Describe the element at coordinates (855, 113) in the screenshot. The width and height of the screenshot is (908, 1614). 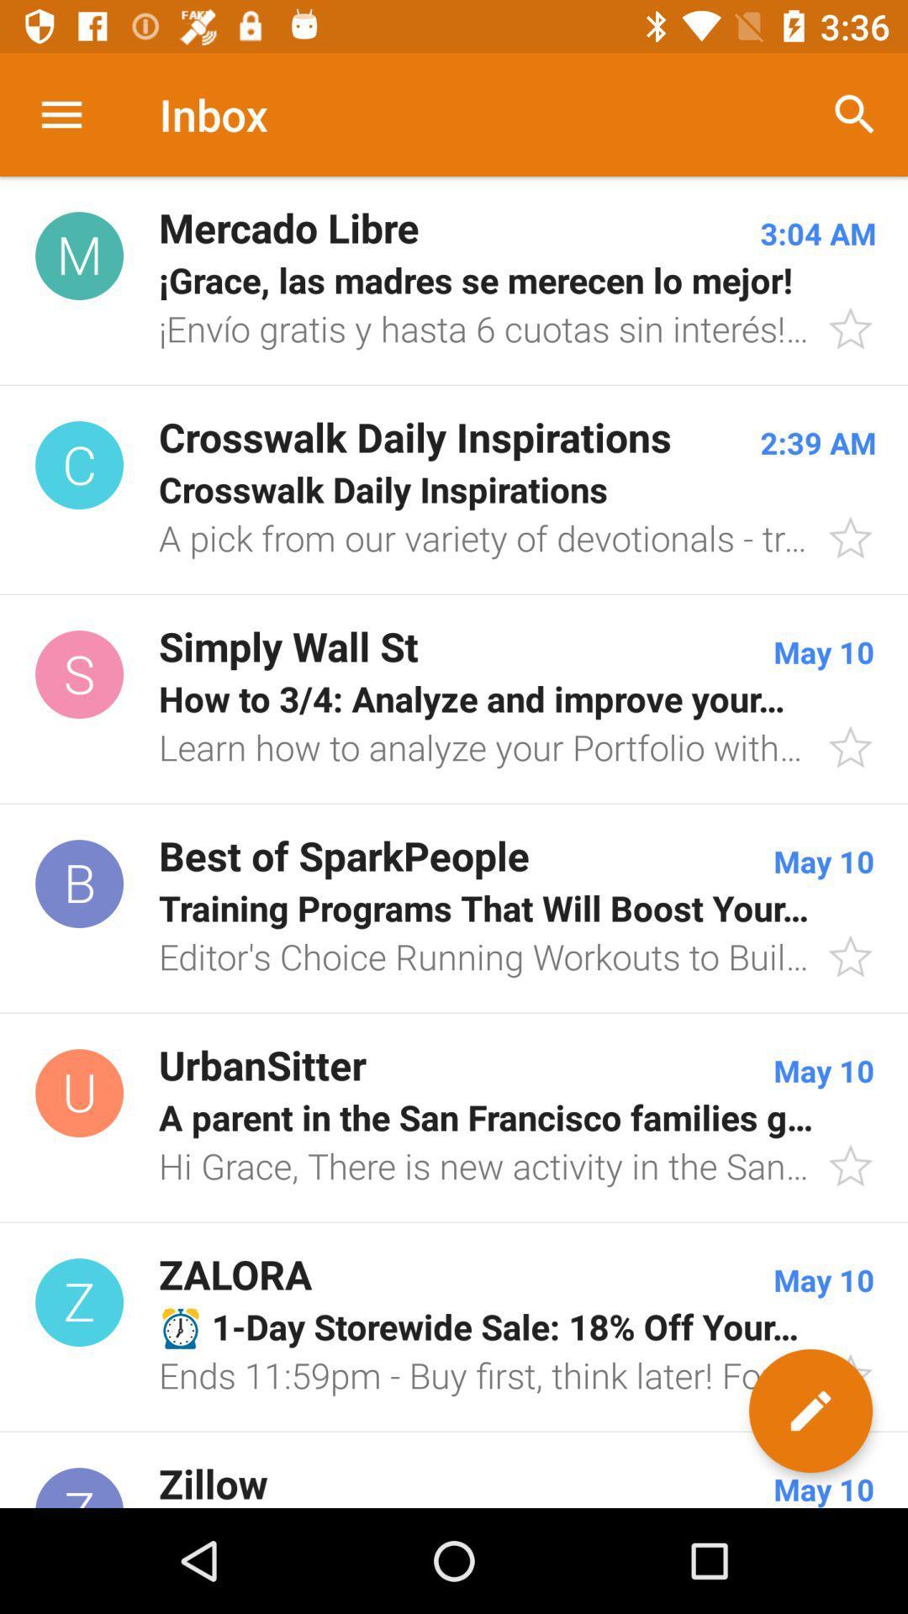
I see `the icon next to inbox app` at that location.